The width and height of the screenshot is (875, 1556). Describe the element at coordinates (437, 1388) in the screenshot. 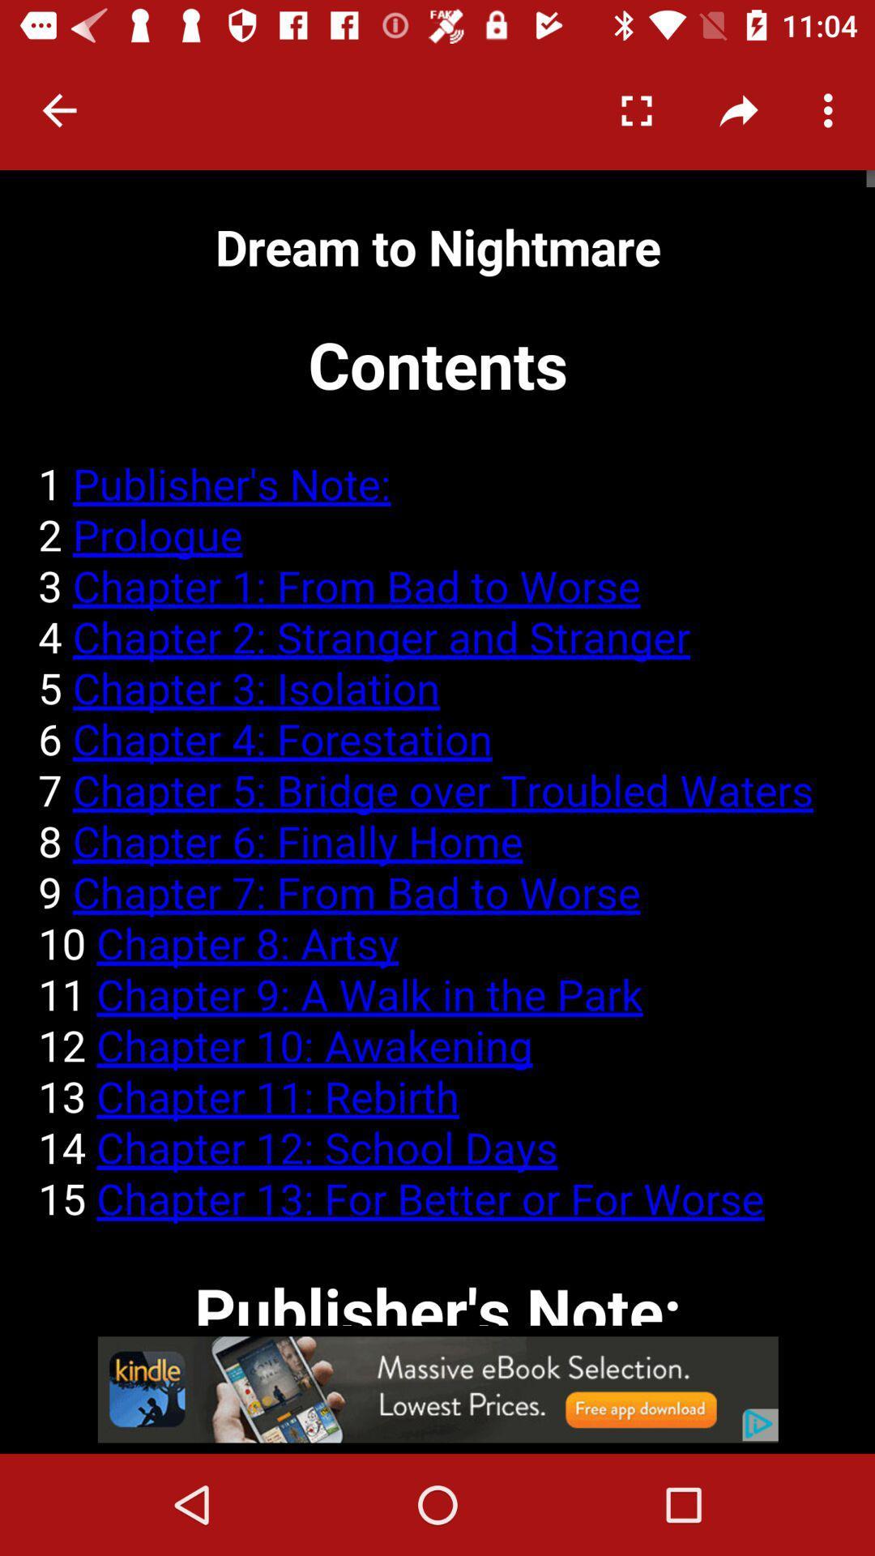

I see `advertisement page` at that location.